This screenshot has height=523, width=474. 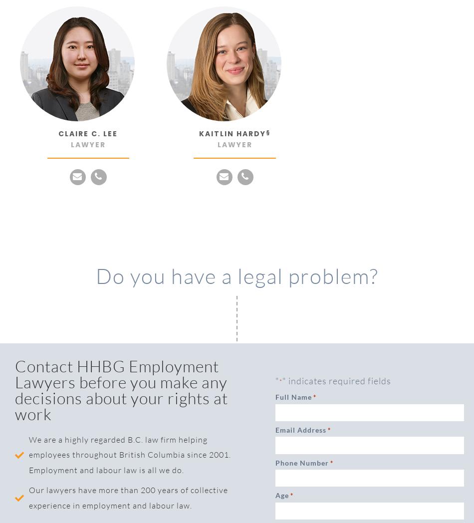 What do you see at coordinates (301, 462) in the screenshot?
I see `'Phone Number'` at bounding box center [301, 462].